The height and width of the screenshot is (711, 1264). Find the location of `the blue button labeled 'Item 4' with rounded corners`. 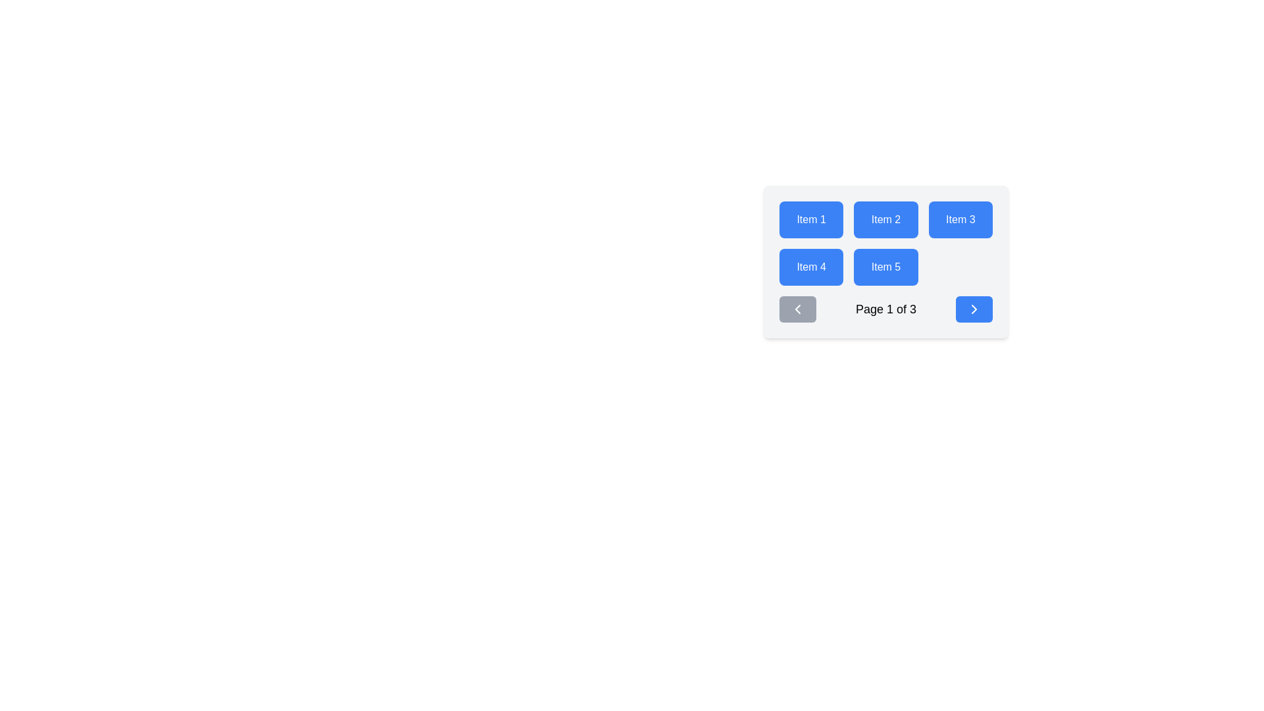

the blue button labeled 'Item 4' with rounded corners is located at coordinates (810, 267).